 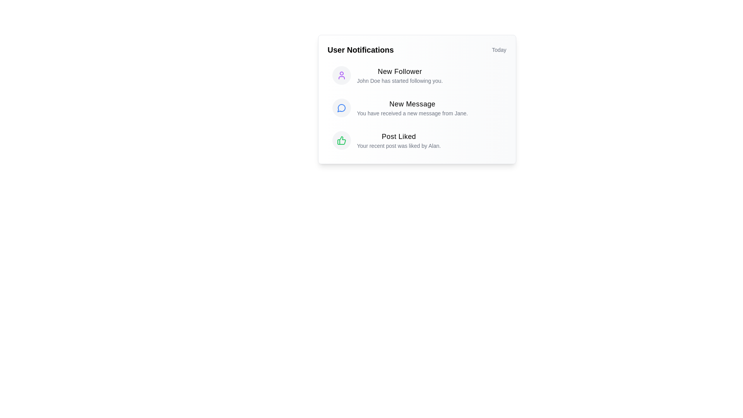 I want to click on the circular notification icon with a light gray background and blue chat bubble icon located to the left of the text 'New Message', so click(x=341, y=108).